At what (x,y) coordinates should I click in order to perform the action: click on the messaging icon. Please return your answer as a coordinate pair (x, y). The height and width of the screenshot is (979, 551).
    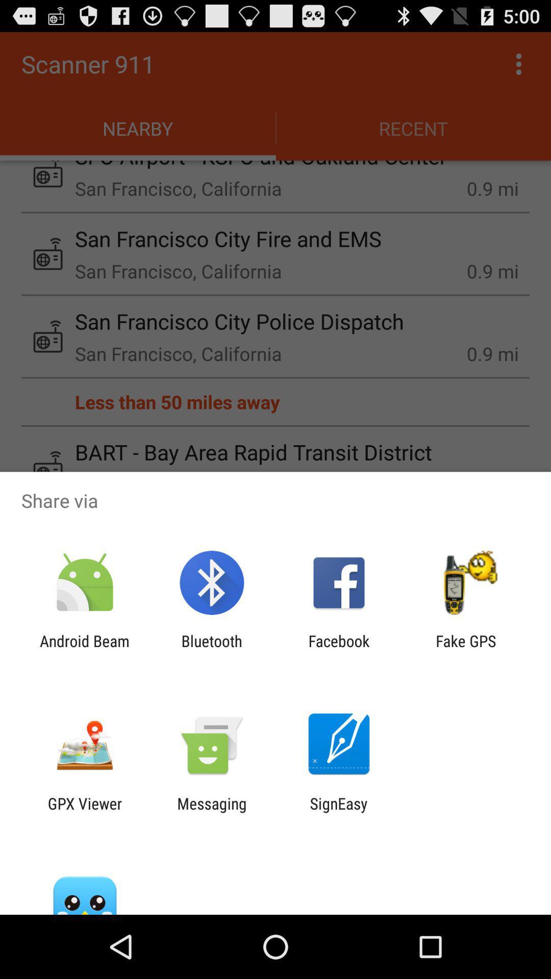
    Looking at the image, I should click on (211, 812).